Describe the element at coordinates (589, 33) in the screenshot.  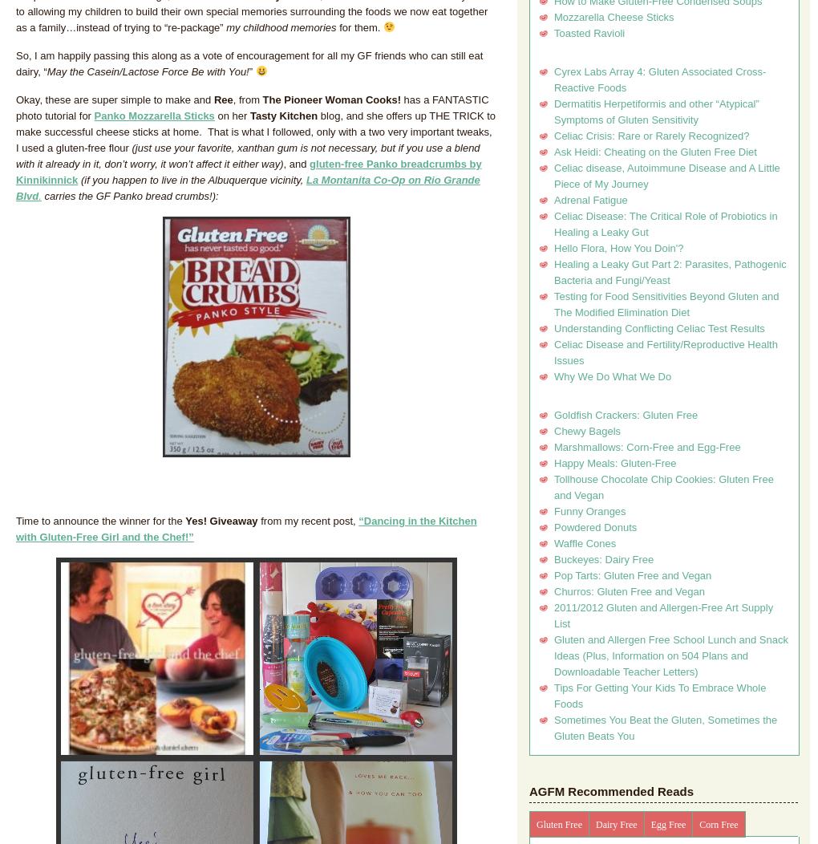
I see `'Toasted Ravioli'` at that location.